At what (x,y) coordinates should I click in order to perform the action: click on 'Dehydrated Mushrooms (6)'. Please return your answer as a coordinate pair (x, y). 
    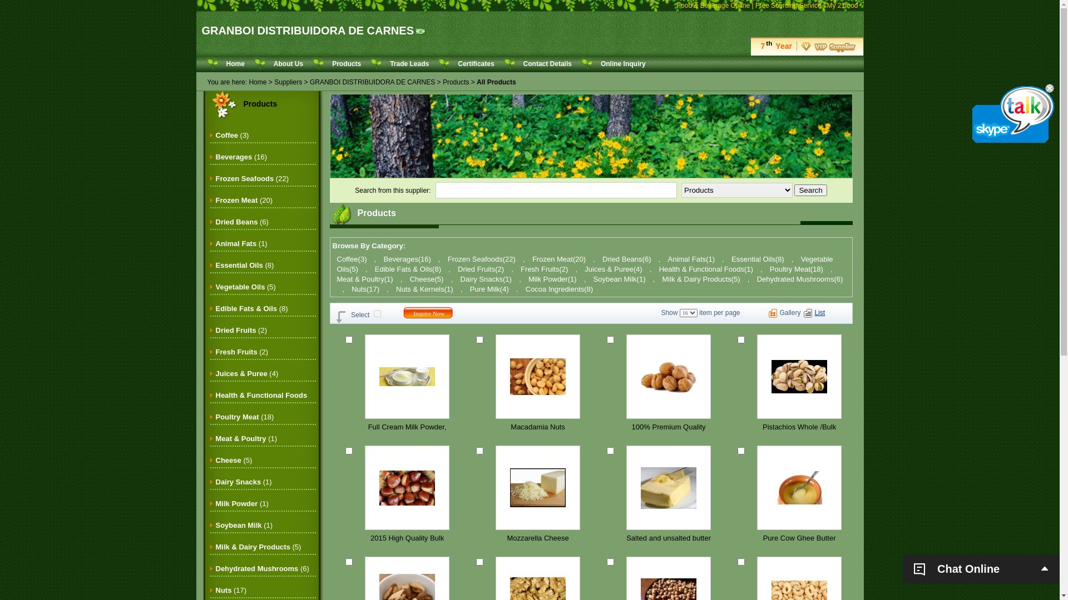
    Looking at the image, I should click on (216, 568).